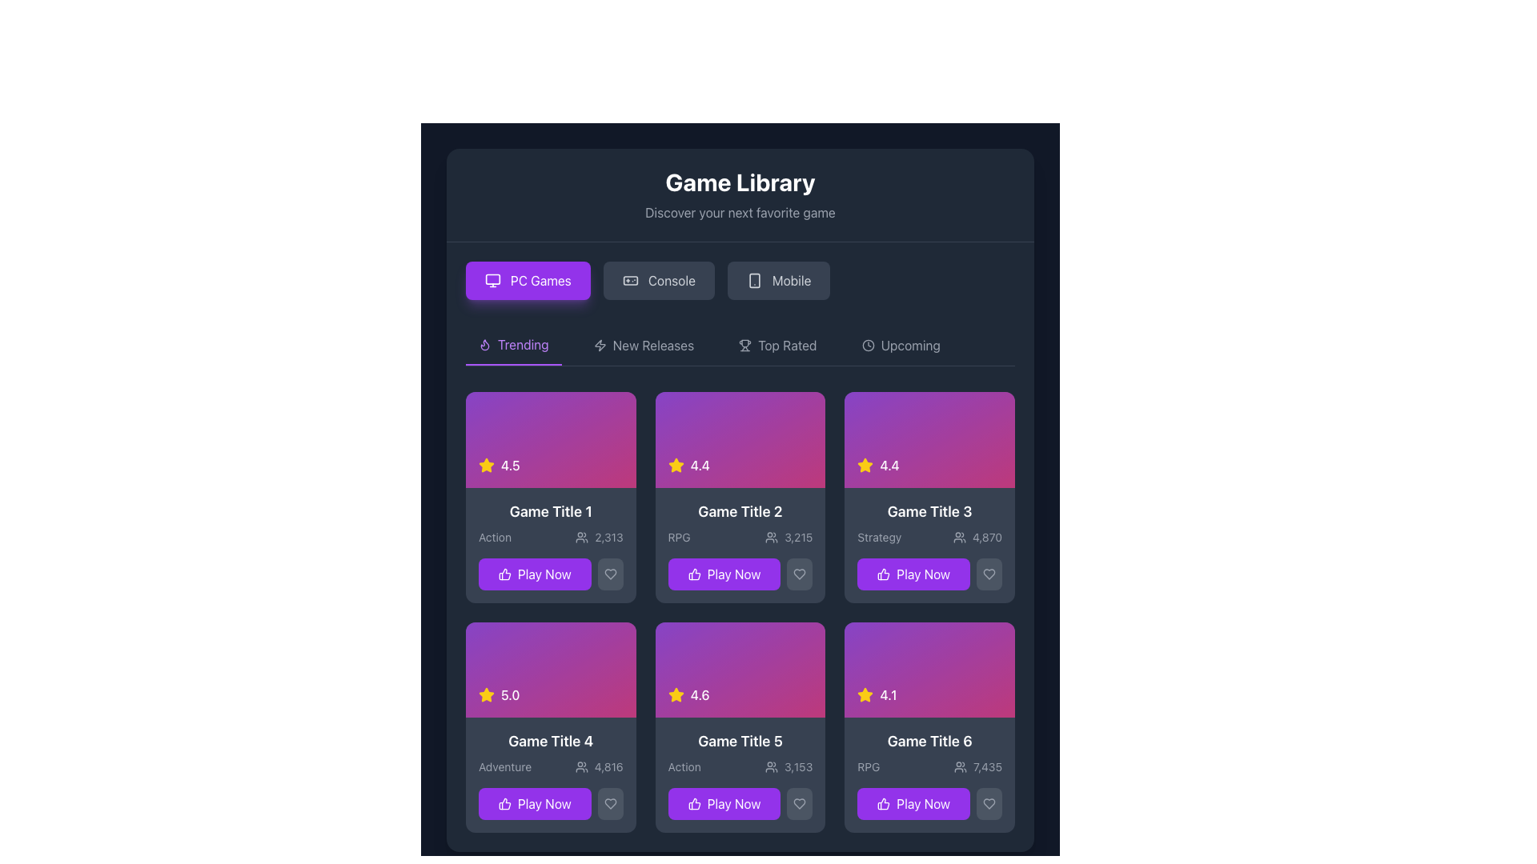 The image size is (1537, 864). What do you see at coordinates (883, 573) in the screenshot?
I see `the thumb icon button within the 'Play Now' button in the third card of the first row` at bounding box center [883, 573].